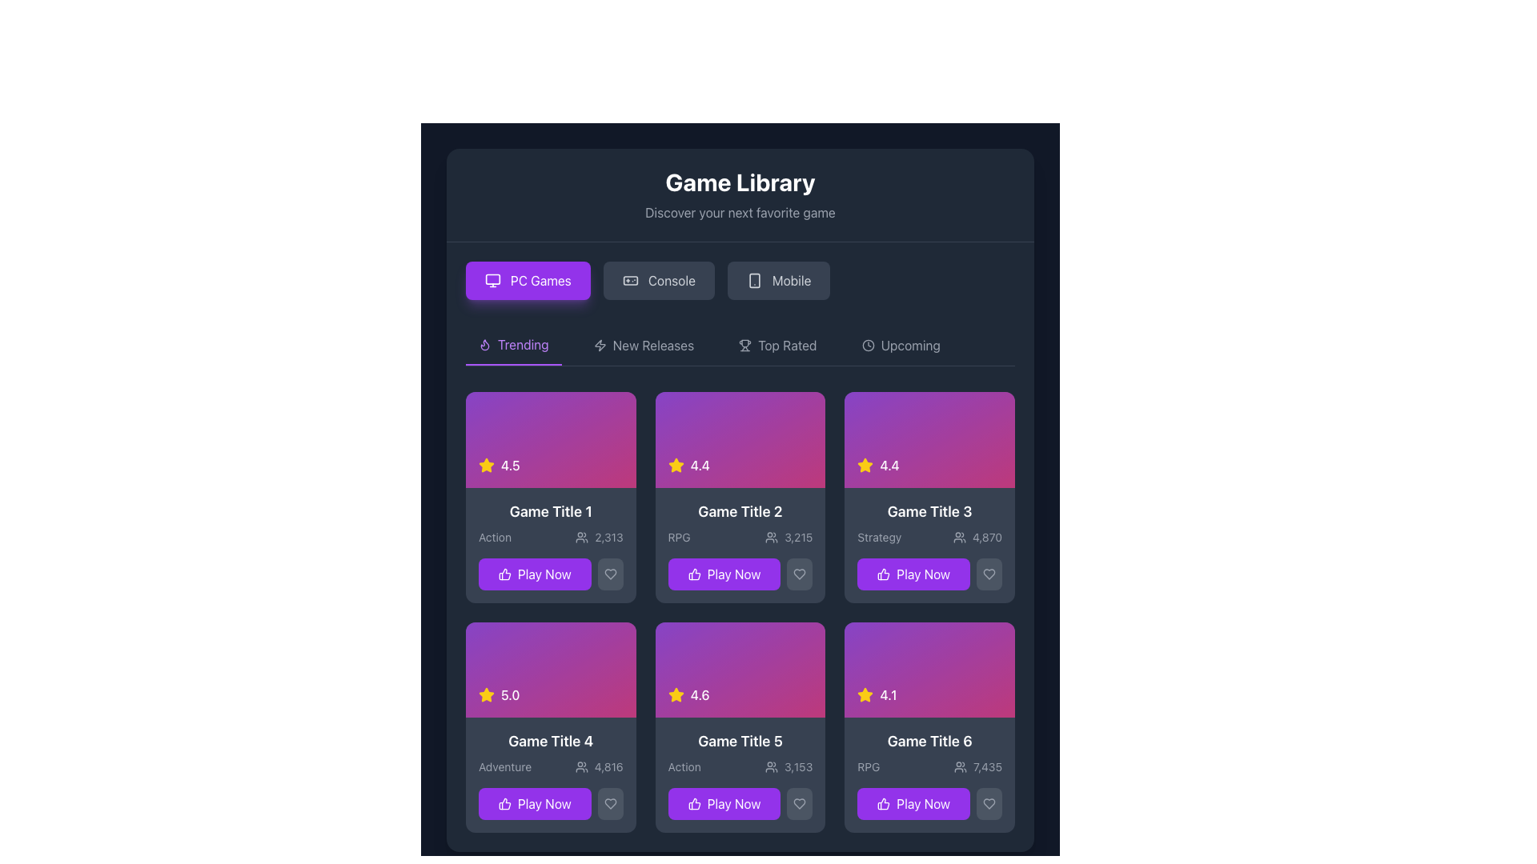 The image size is (1537, 864). What do you see at coordinates (883, 573) in the screenshot?
I see `the thumb icon button within the 'Play Now' button in the third card of the first row` at bounding box center [883, 573].